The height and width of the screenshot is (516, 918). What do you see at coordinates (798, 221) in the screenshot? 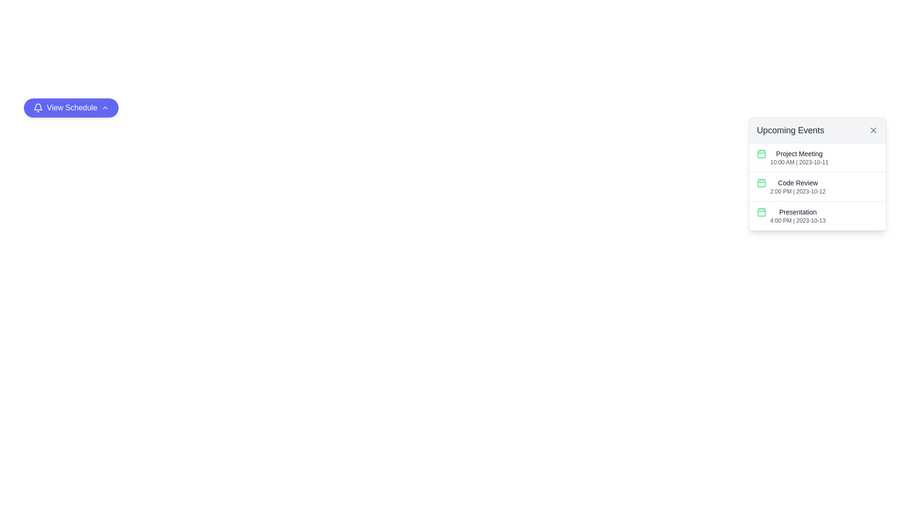
I see `the non-interactive text label that displays the scheduled time and date for the event labeled 'Presentation', located below the 'Presentation' text in the 'Upcoming Events' section` at bounding box center [798, 221].